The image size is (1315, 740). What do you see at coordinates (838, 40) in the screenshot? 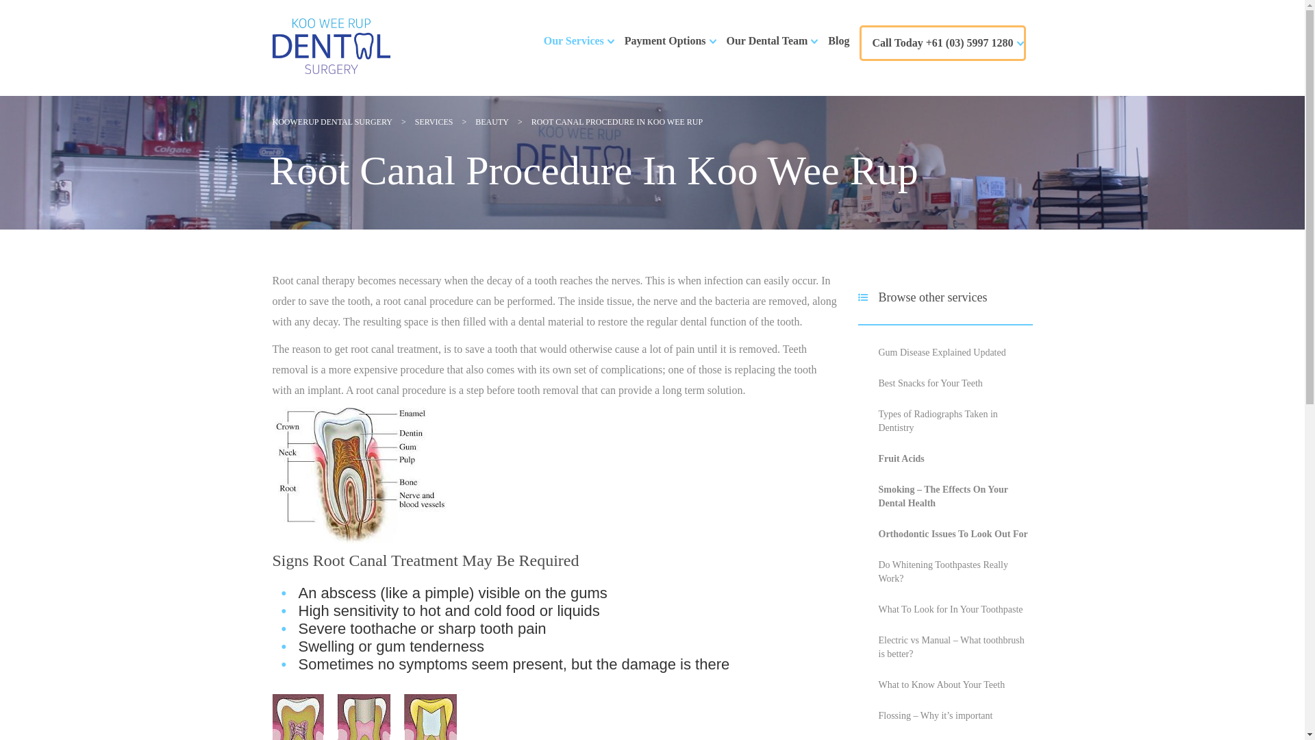
I see `'Blog'` at bounding box center [838, 40].